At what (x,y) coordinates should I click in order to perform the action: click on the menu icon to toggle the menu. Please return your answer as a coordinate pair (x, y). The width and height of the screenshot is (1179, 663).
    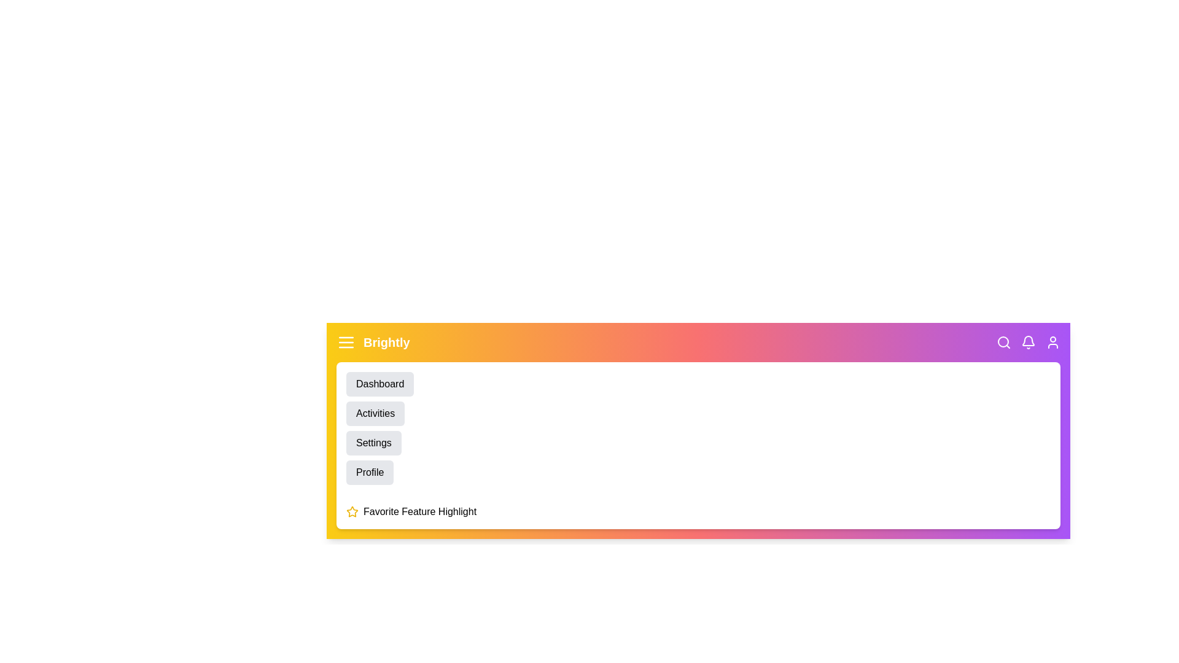
    Looking at the image, I should click on (346, 343).